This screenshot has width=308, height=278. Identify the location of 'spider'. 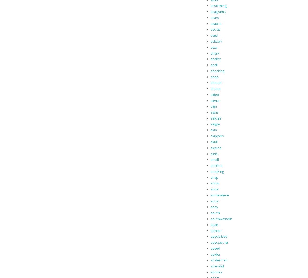
(210, 254).